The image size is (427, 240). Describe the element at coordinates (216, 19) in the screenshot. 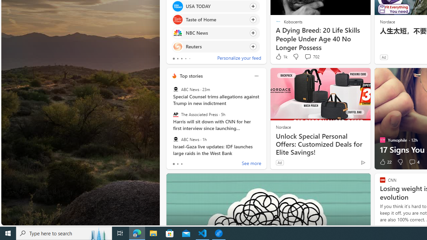

I see `'Click to follow source Taste of Home'` at that location.